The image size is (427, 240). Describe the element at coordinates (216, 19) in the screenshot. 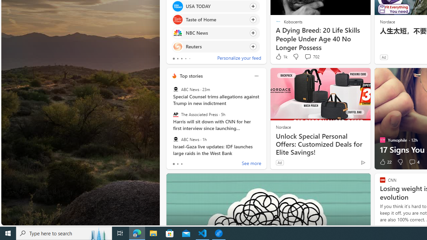

I see `'Click to follow source Taste of Home'` at that location.